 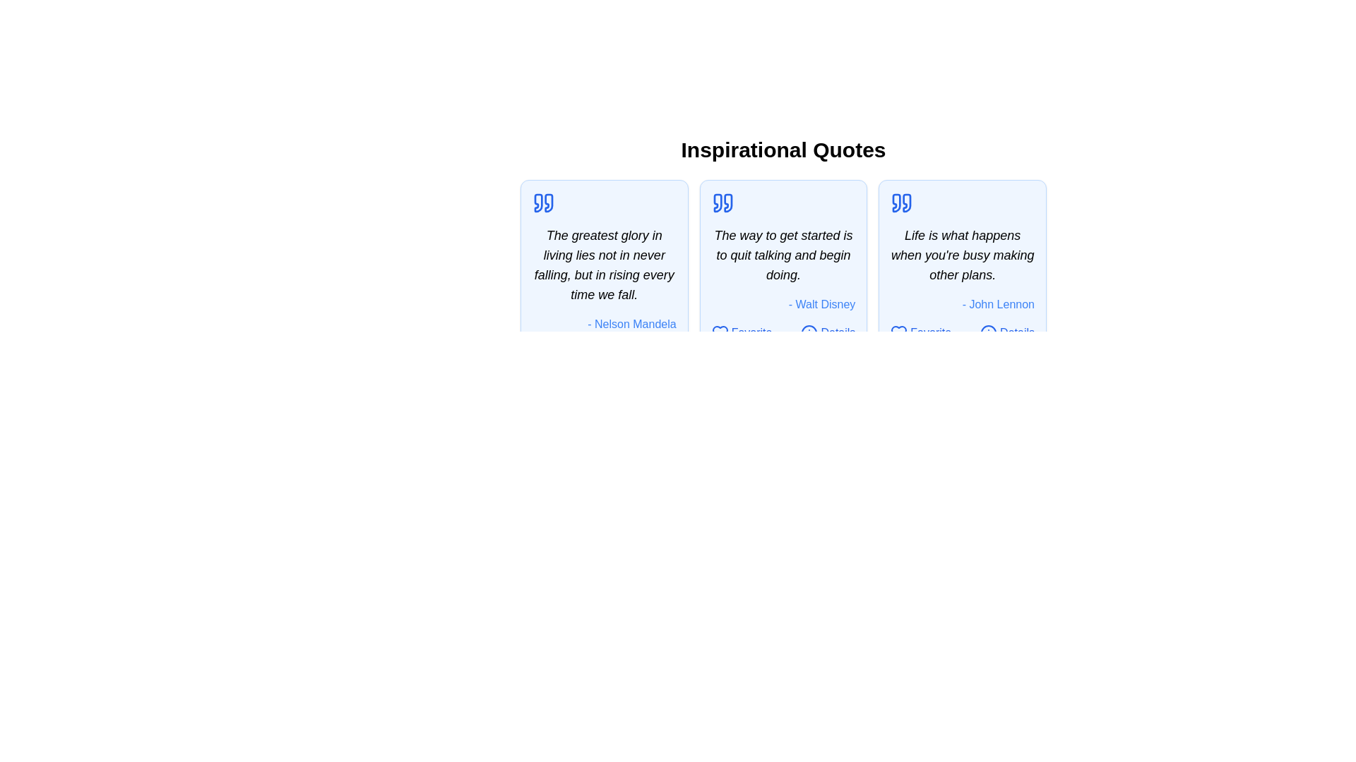 What do you see at coordinates (604, 277) in the screenshot?
I see `the card with a light blue background featuring a quotation mark icon at the top left, containing an italicized quote and an author's name in blue text, positioned below the heading 'Inspirational Quotes'` at bounding box center [604, 277].